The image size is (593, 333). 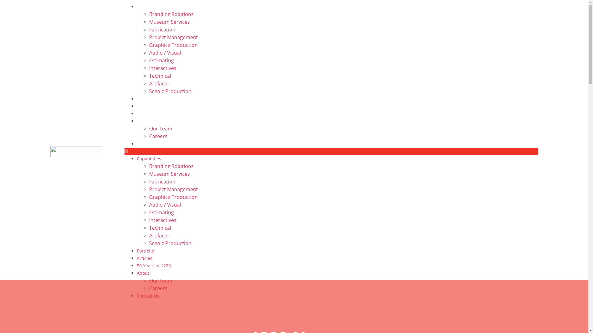 What do you see at coordinates (149, 14) in the screenshot?
I see `'Branding Solutions'` at bounding box center [149, 14].